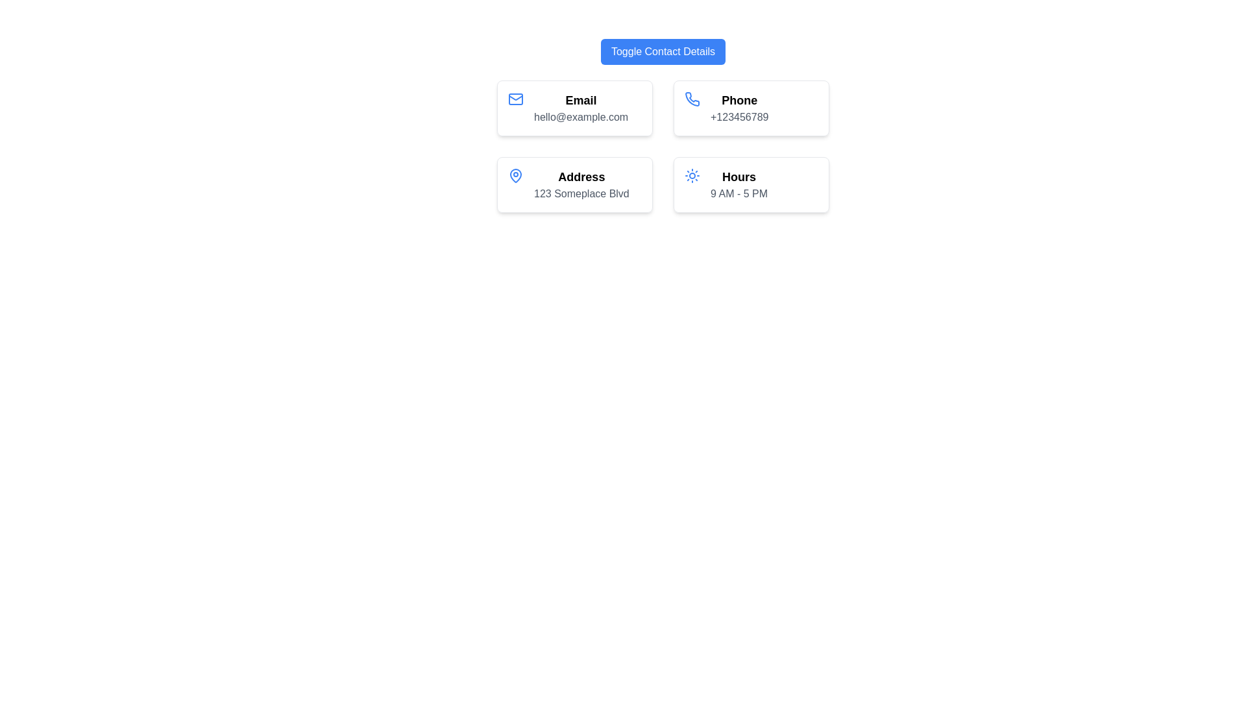 The width and height of the screenshot is (1246, 701). What do you see at coordinates (691, 99) in the screenshot?
I see `the phone contact icon located in the top-right quadrant of the contact details interface, which symbolizes the communication method` at bounding box center [691, 99].